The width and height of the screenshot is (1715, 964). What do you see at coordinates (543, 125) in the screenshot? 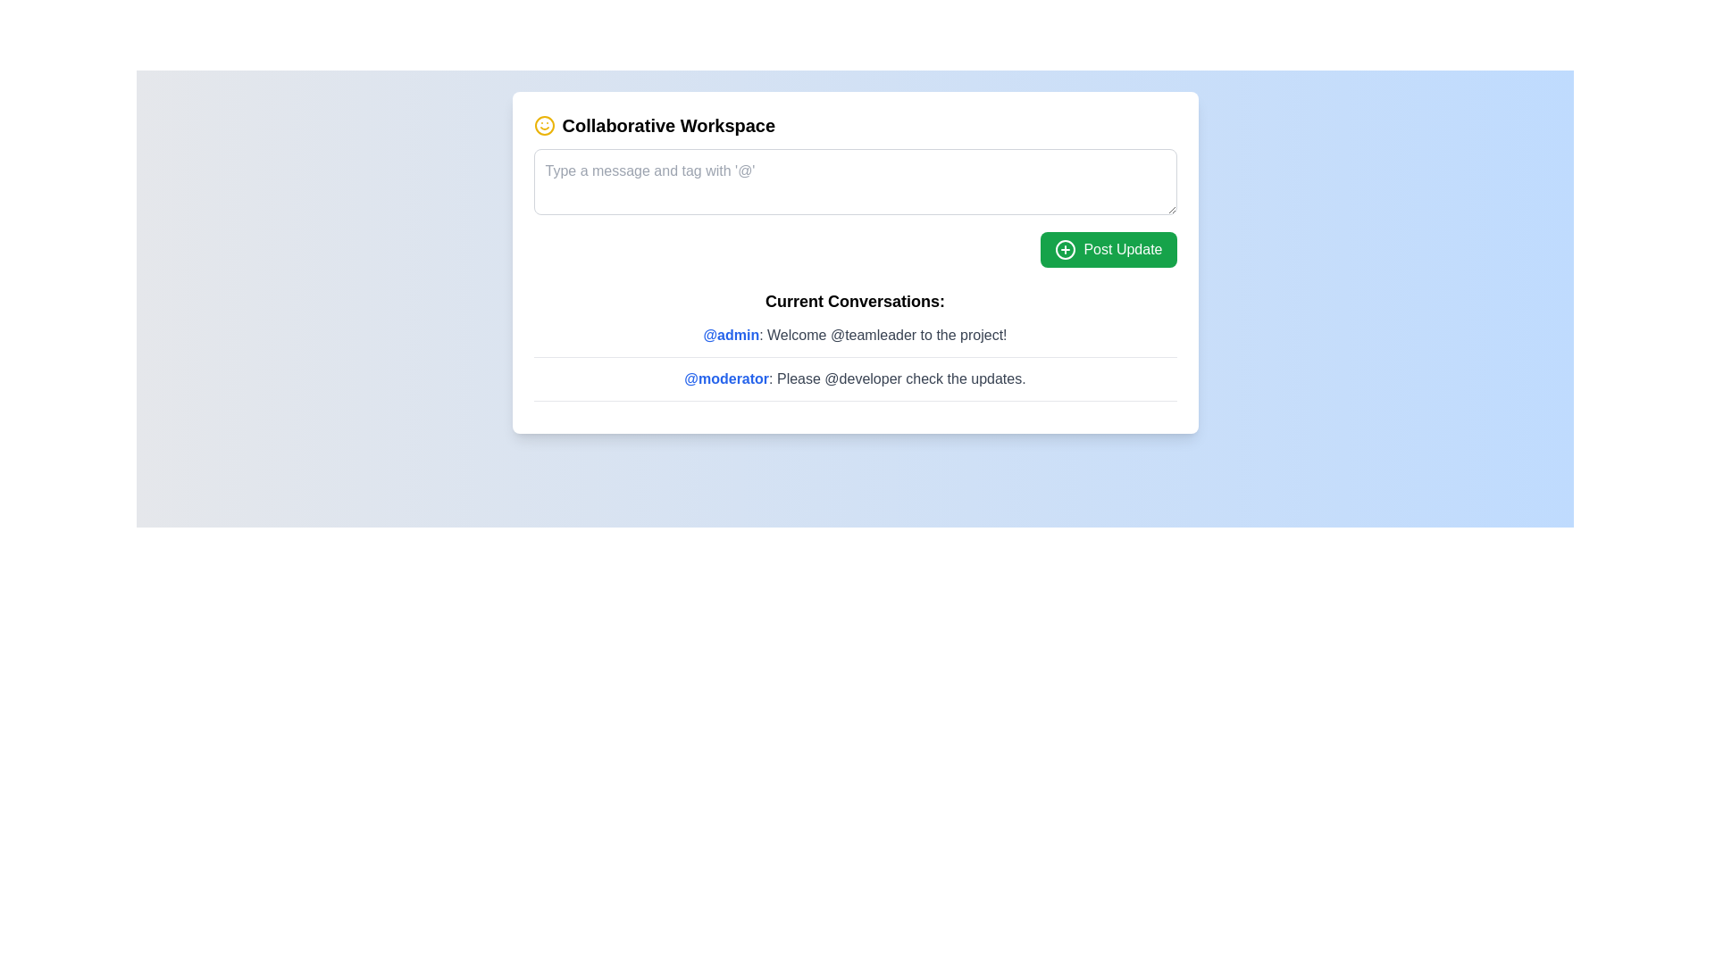
I see `the small circular smiling face icon, which is yellow and located to the left of the text 'Collaborative Workspace'` at bounding box center [543, 125].